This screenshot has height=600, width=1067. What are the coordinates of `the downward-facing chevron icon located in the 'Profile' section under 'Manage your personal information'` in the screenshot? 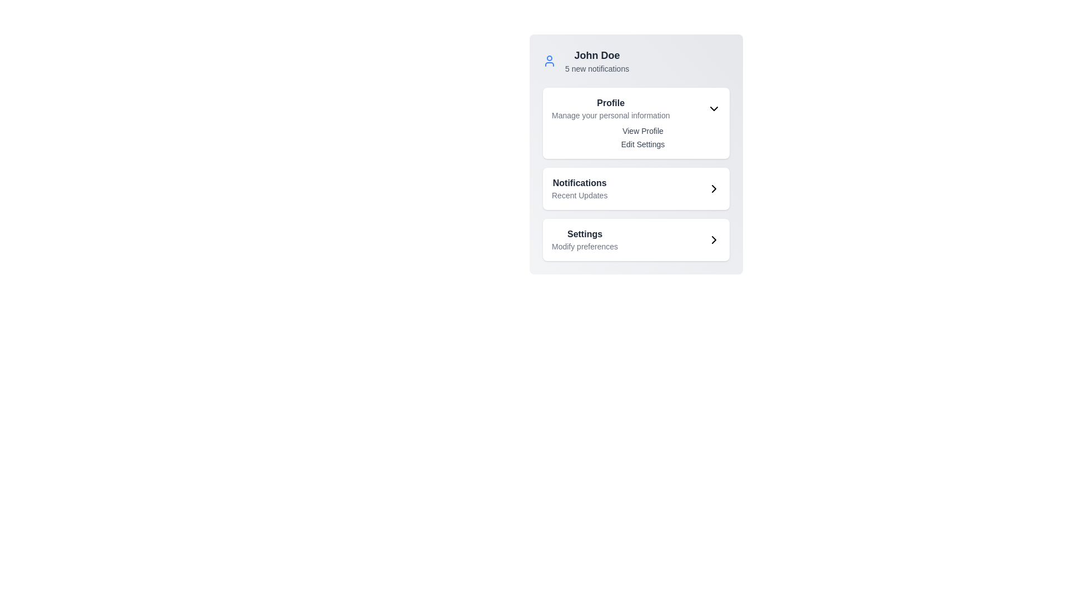 It's located at (714, 109).